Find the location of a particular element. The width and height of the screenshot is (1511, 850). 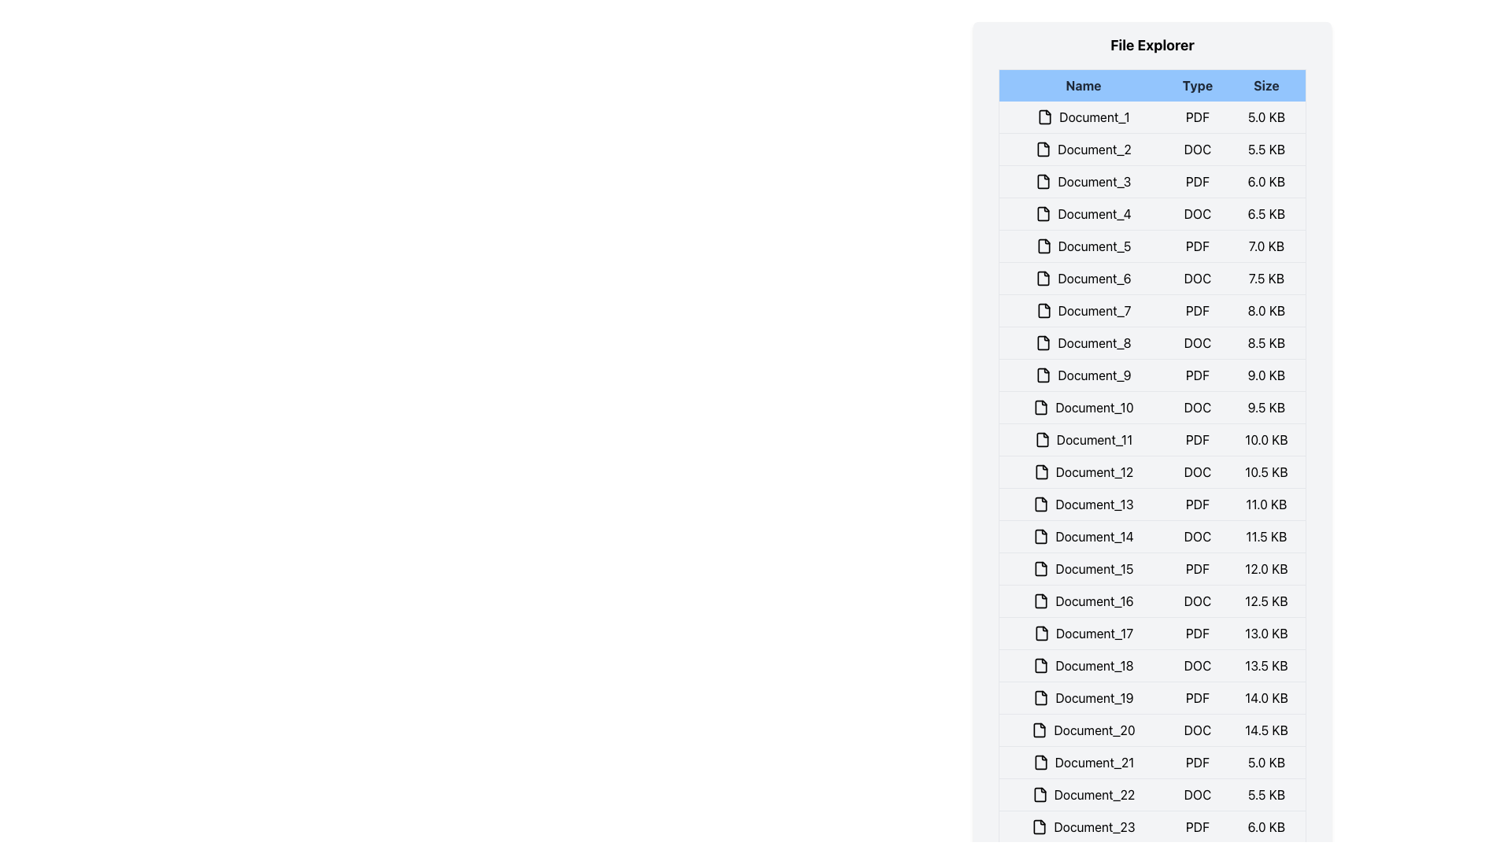

the 'DOC' label in the 'Type' column corresponding to 'Document_20' in the table view, which serves as a static text descriptor indicating the file type is located at coordinates (1196, 730).